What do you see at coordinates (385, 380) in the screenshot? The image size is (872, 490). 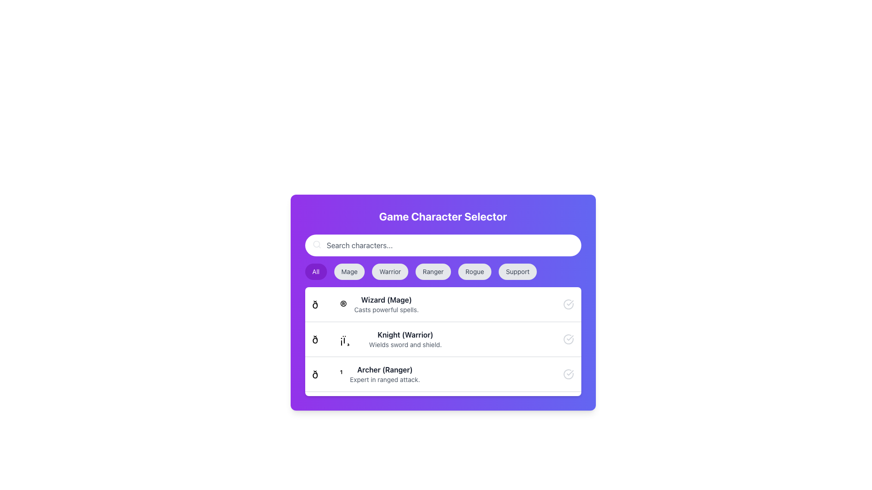 I see `the static text label that reads 'Expert in ranged attack.' located directly below 'Archer (Ranger)' in the third card section of the character selection interface` at bounding box center [385, 380].